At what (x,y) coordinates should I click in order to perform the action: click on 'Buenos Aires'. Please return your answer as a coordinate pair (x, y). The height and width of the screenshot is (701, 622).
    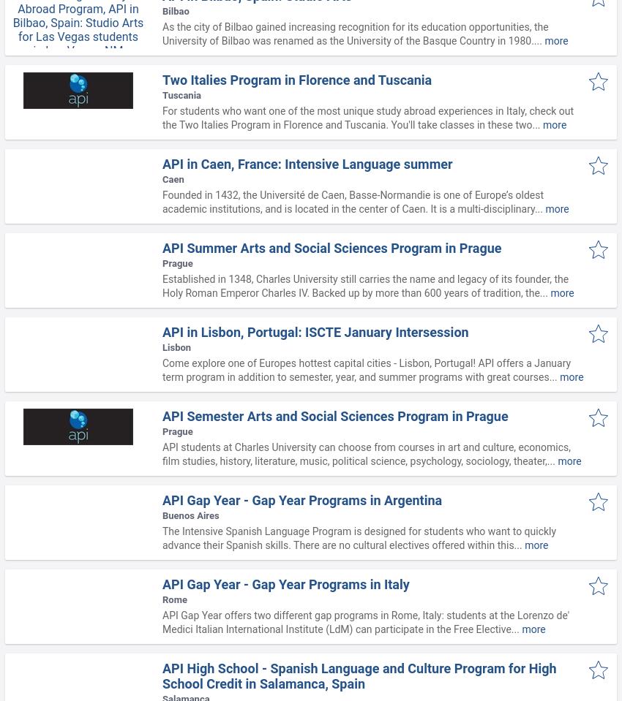
    Looking at the image, I should click on (190, 515).